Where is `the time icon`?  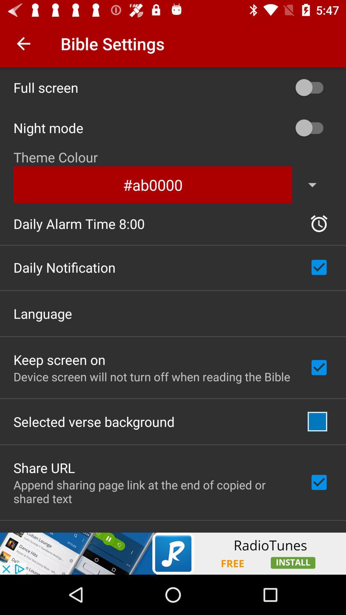 the time icon is located at coordinates (319, 224).